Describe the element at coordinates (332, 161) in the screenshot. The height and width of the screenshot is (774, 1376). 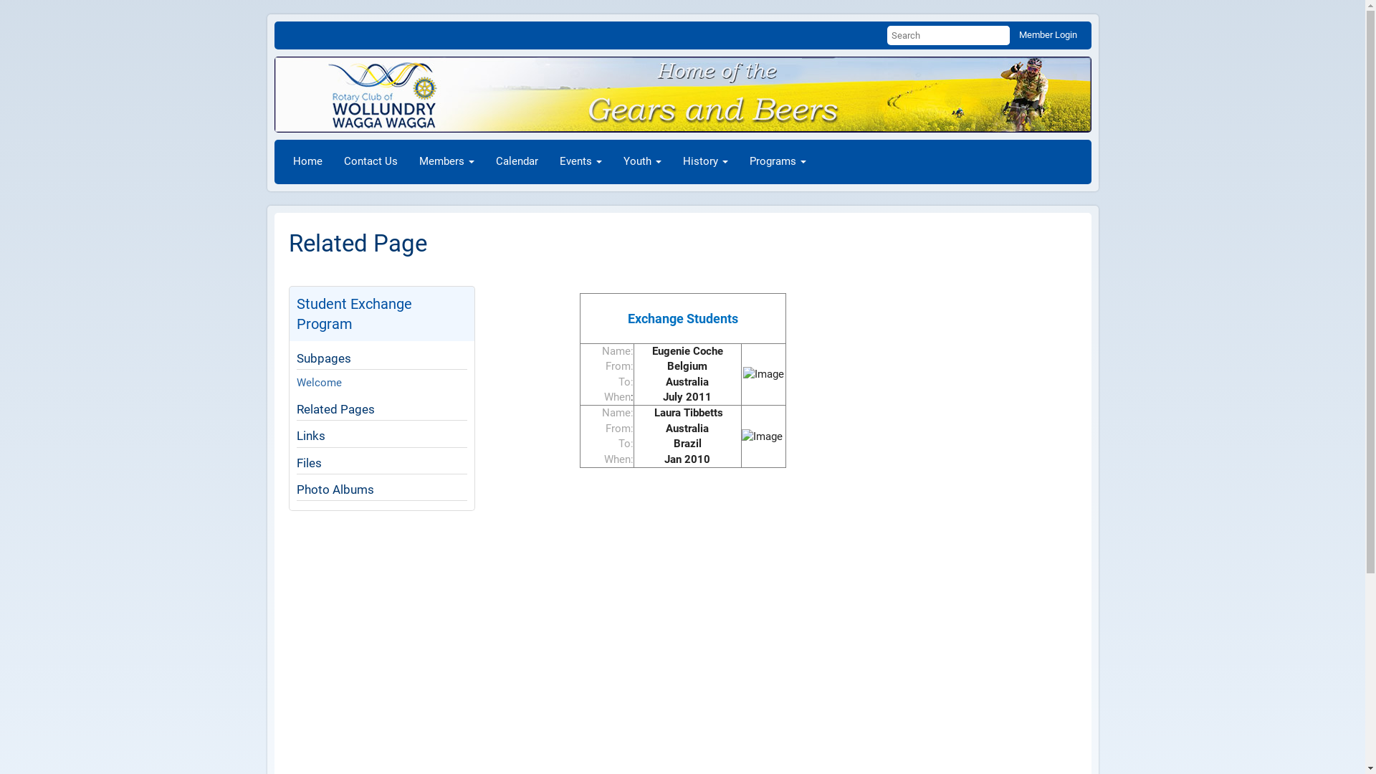
I see `'Contact Us'` at that location.